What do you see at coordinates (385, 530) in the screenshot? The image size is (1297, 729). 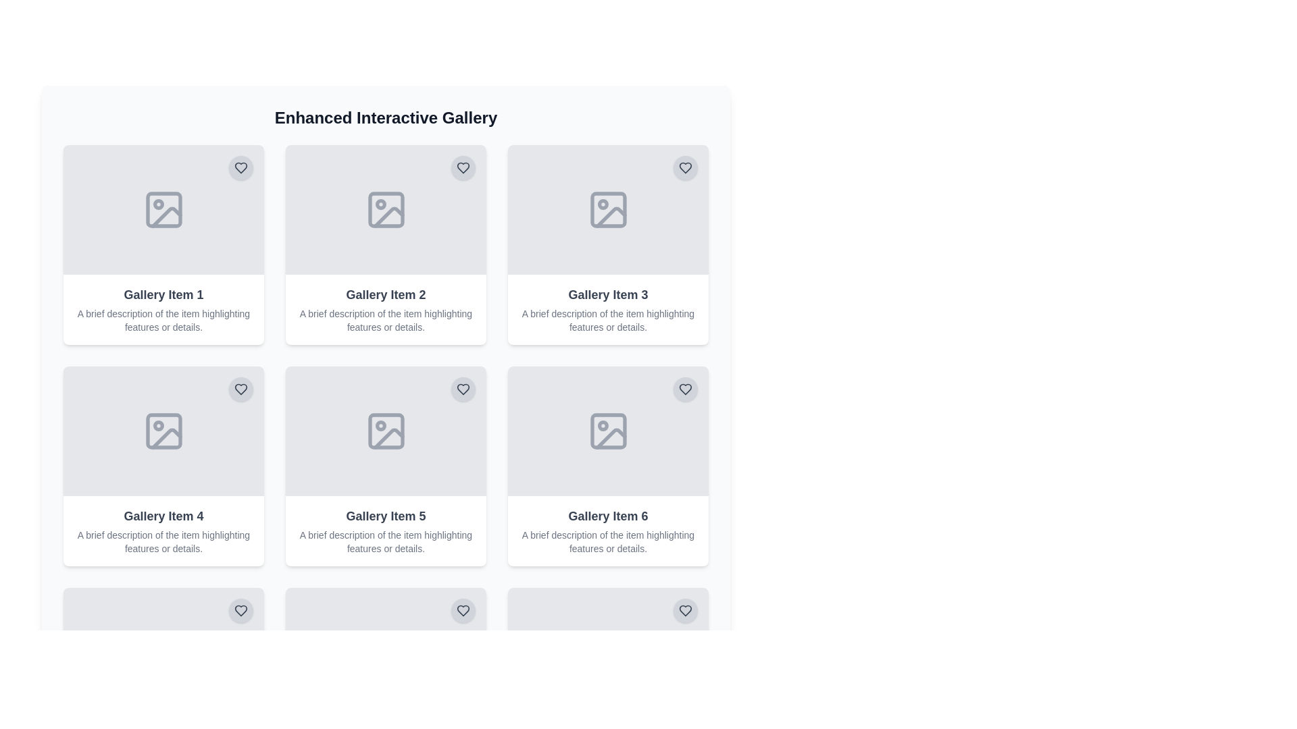 I see `the text block containing the title 'Gallery Item 5' and the description below it, located in the second row, center column of the gallery section` at bounding box center [385, 530].